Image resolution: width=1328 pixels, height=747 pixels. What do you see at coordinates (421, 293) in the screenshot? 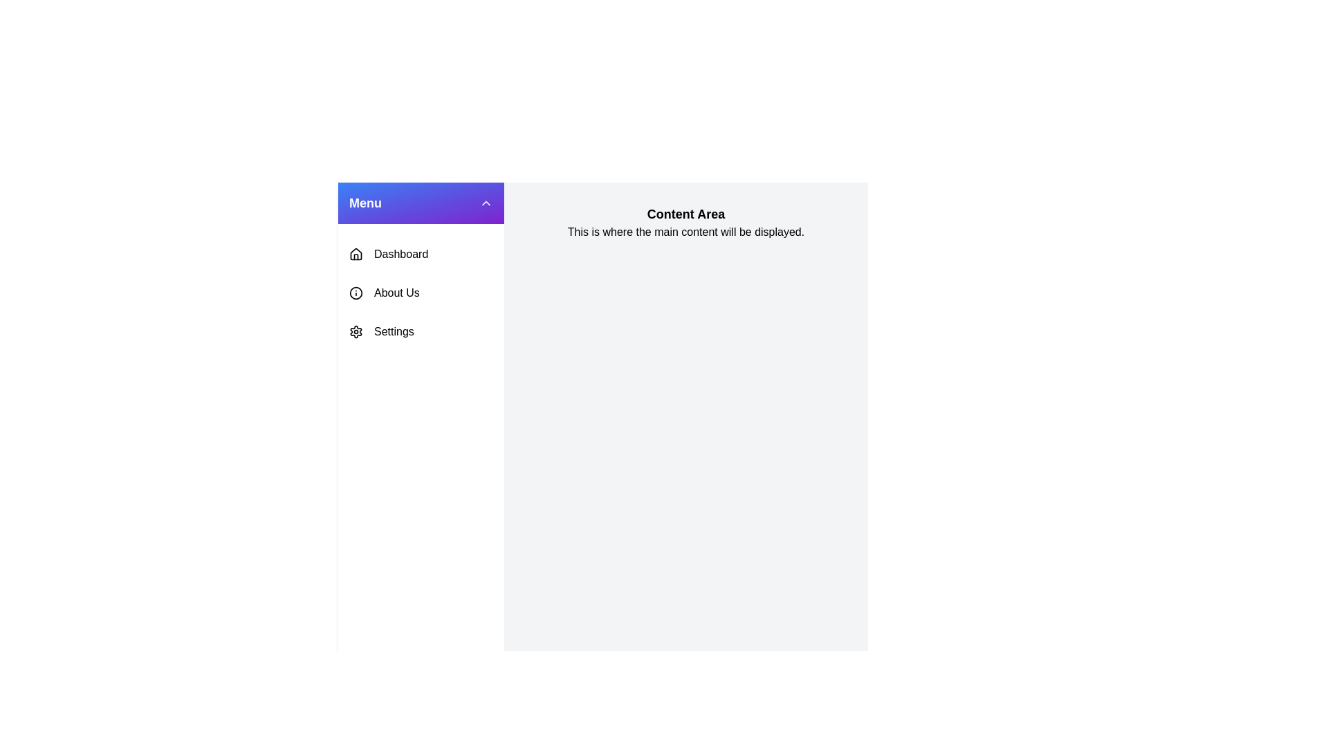
I see `the menu item About Us to observe its hover effect` at bounding box center [421, 293].